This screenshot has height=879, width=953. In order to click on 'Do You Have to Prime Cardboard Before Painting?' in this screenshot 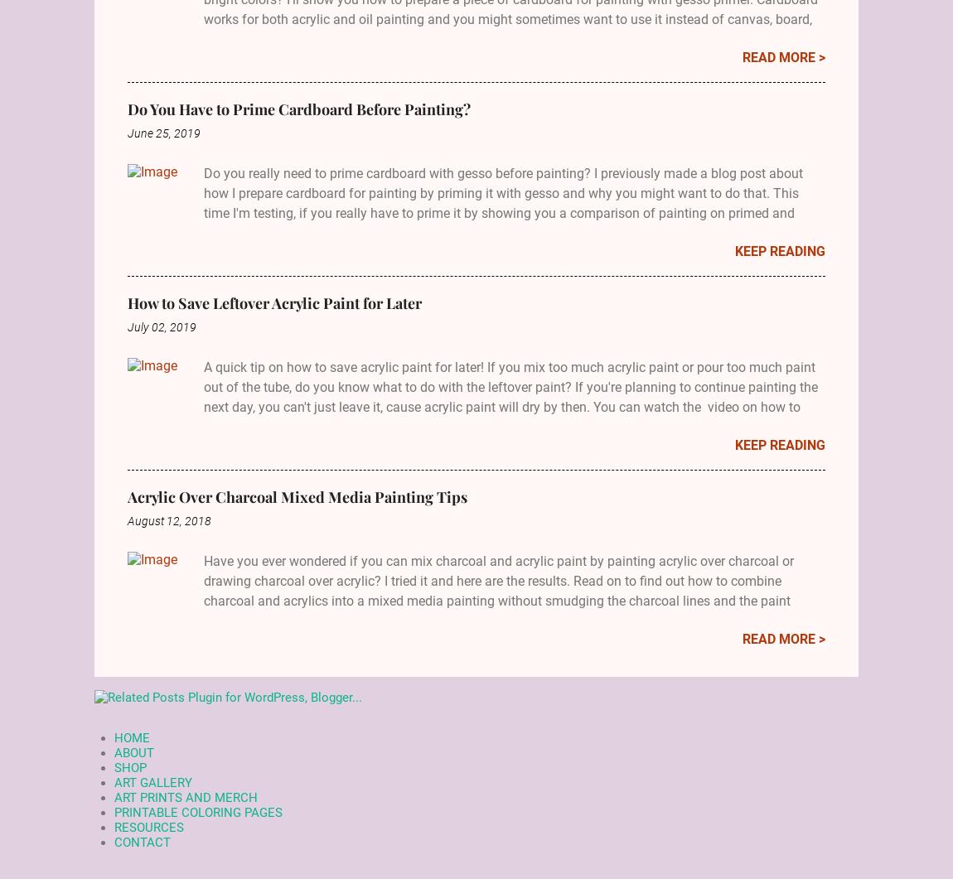, I will do `click(298, 109)`.